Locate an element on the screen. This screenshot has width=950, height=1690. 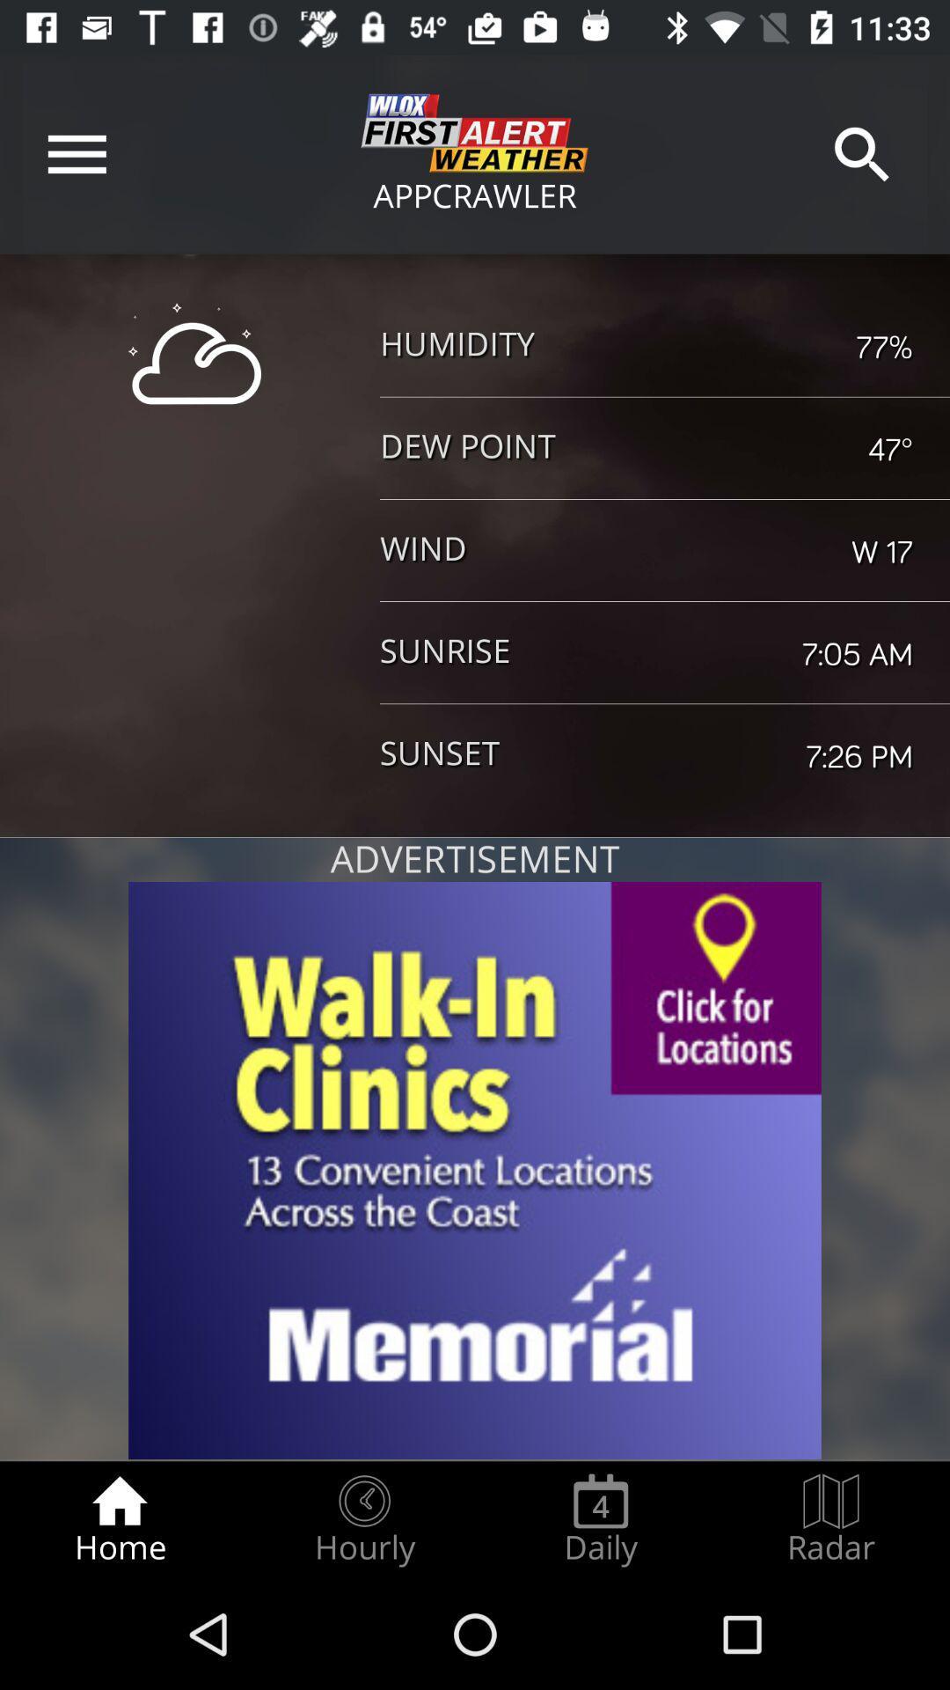
home is located at coordinates (119, 1519).